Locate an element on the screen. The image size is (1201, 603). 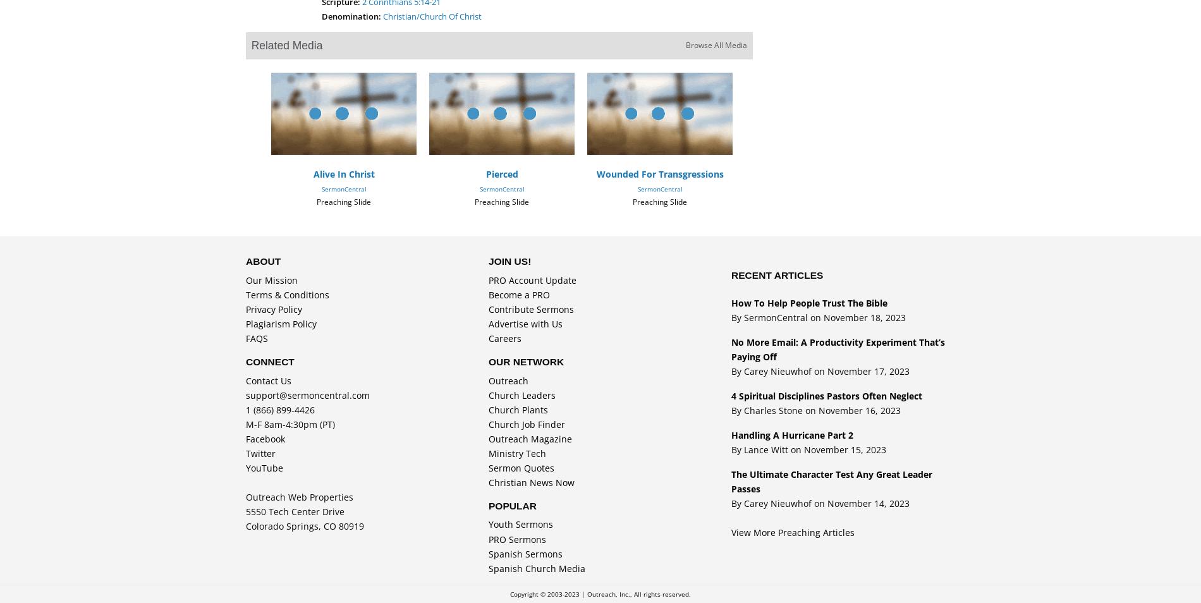
'PRO Account Update' is located at coordinates (532, 280).